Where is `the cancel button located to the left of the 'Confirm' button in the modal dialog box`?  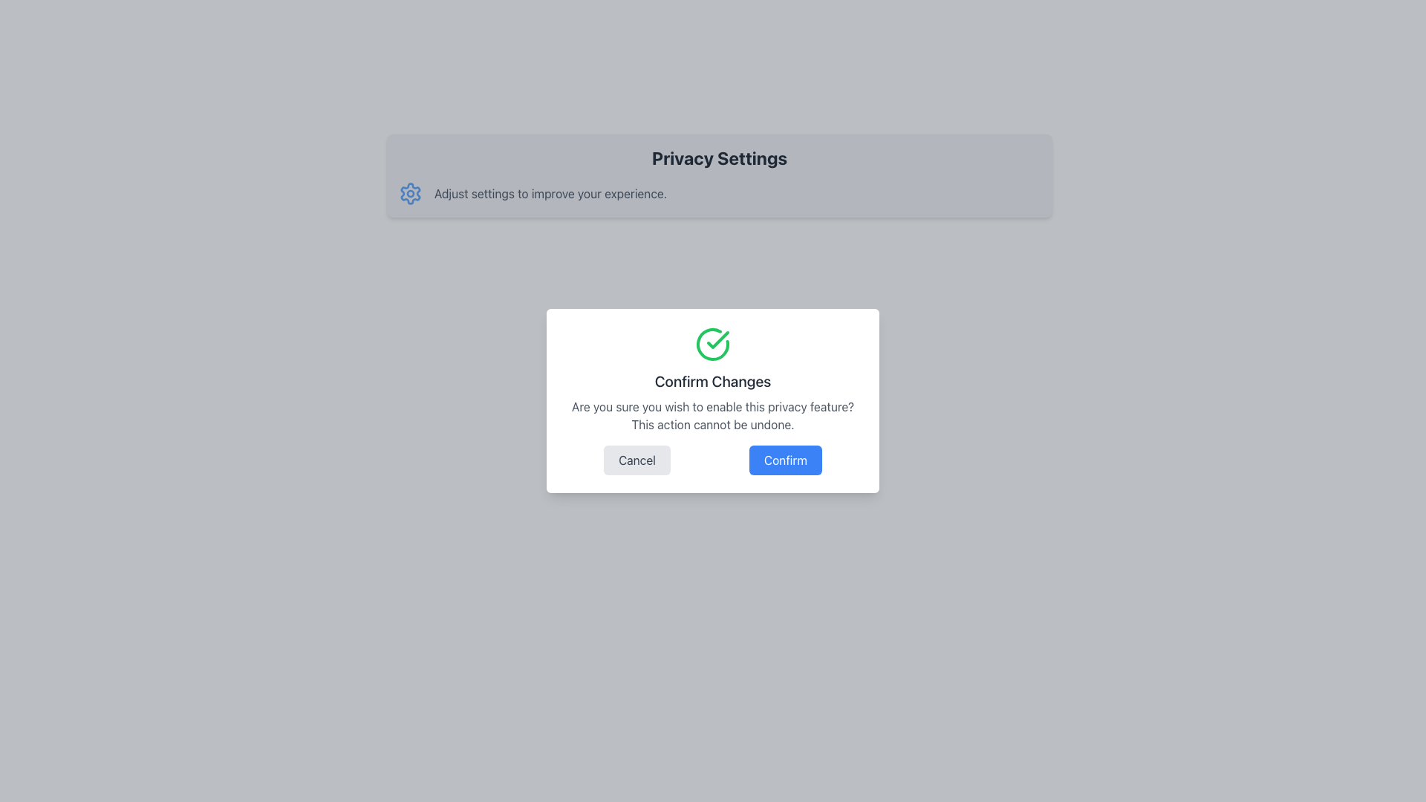 the cancel button located to the left of the 'Confirm' button in the modal dialog box is located at coordinates (637, 460).